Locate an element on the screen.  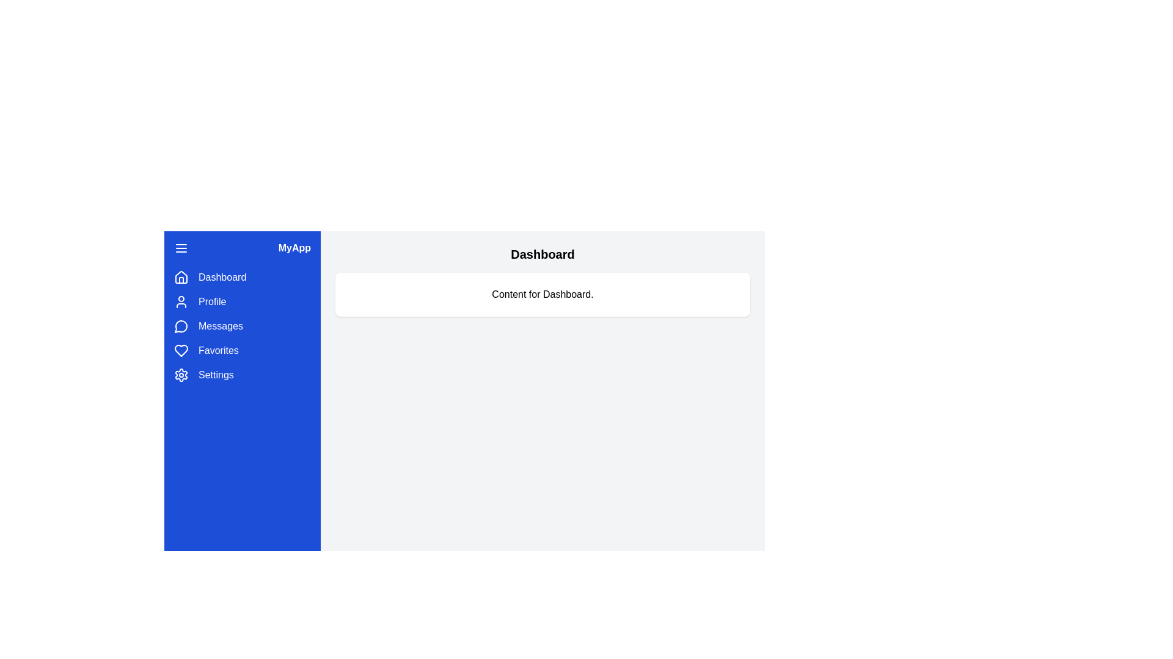
the house-shaped icon in the navigation menu located near the top left of the interface is located at coordinates (181, 277).